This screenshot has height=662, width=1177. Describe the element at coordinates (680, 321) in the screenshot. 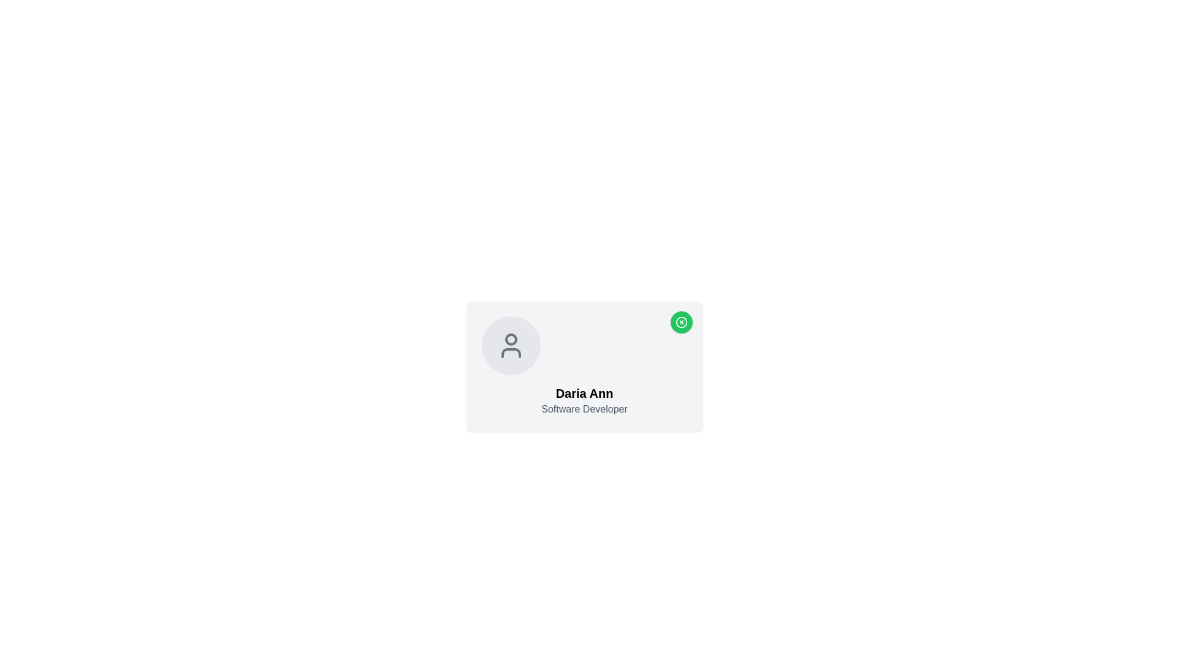

I see `the close button located at the top-right corner of the card for 'Daria Ann', which will reveal a tooltip` at that location.